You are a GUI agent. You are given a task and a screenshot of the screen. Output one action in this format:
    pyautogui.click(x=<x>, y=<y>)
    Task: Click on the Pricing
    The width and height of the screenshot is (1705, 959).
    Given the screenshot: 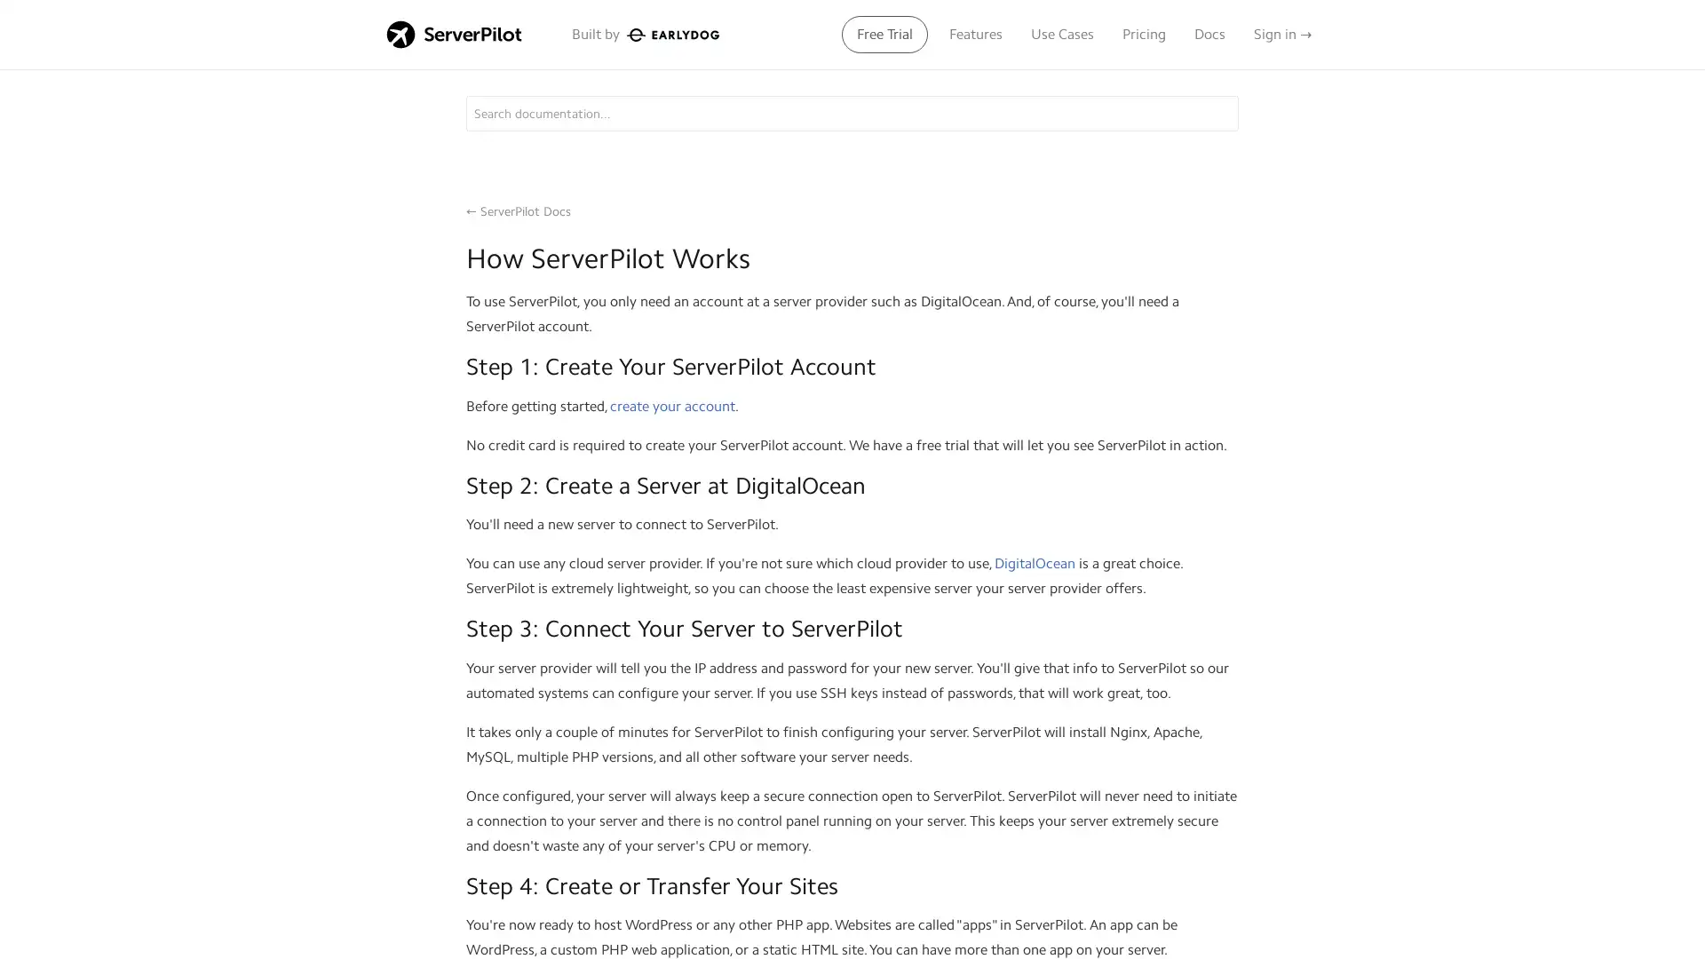 What is the action you would take?
    pyautogui.click(x=1144, y=34)
    